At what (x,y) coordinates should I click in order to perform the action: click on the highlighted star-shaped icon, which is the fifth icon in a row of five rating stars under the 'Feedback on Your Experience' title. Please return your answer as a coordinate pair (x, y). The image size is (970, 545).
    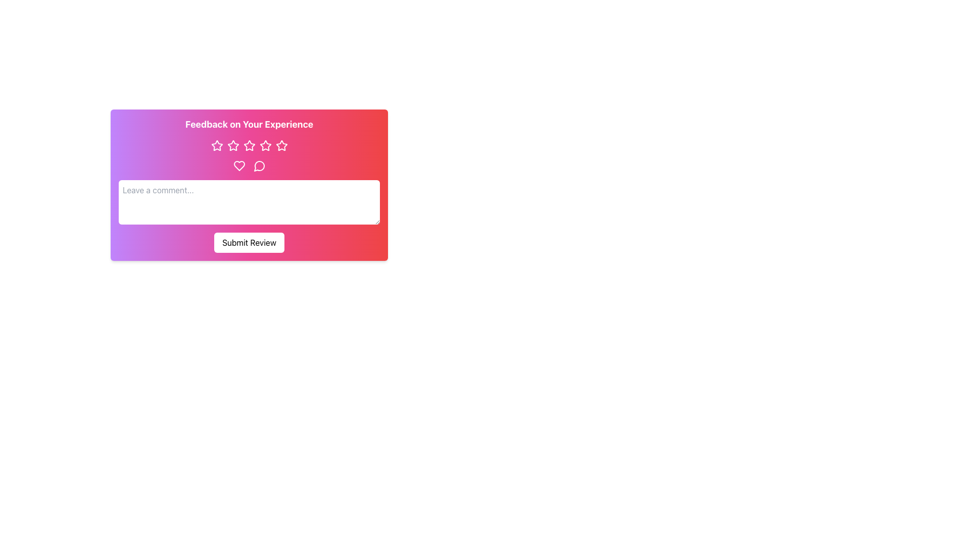
    Looking at the image, I should click on (281, 145).